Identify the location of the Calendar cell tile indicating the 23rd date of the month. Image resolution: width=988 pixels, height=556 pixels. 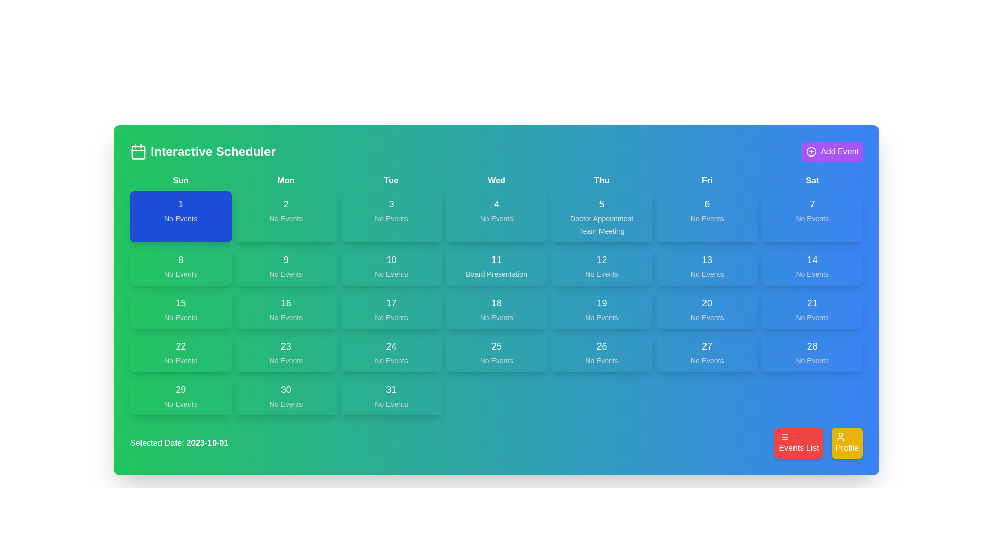
(286, 352).